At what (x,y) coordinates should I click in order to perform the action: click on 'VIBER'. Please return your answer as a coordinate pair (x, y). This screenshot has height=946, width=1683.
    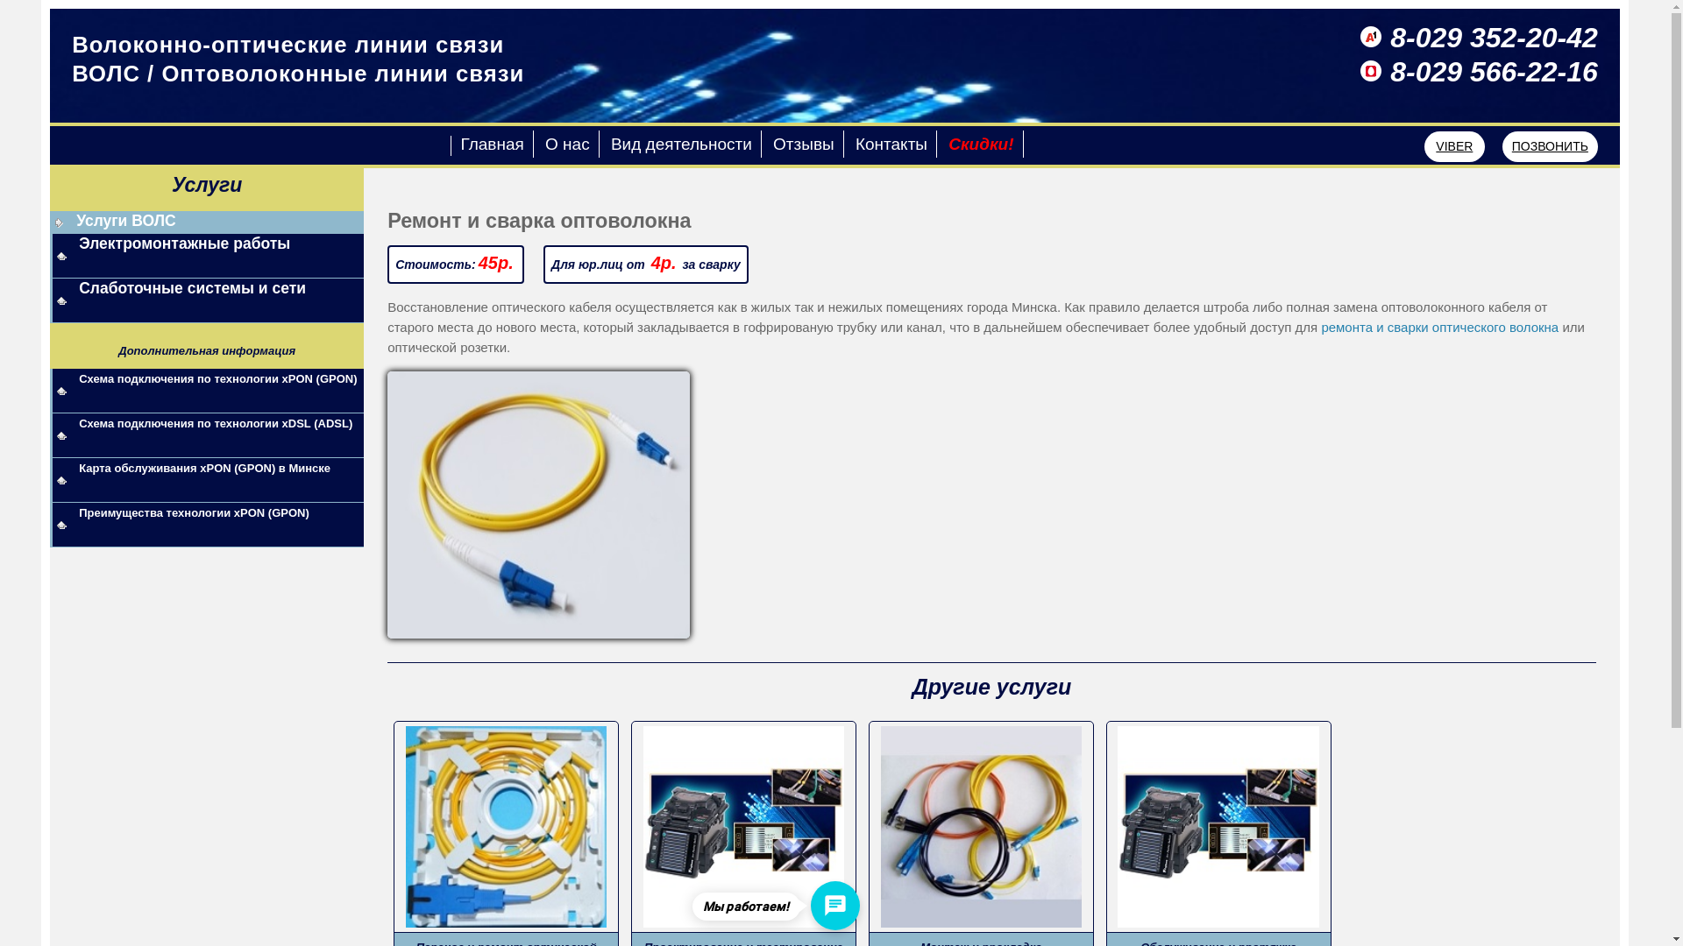
    Looking at the image, I should click on (1454, 145).